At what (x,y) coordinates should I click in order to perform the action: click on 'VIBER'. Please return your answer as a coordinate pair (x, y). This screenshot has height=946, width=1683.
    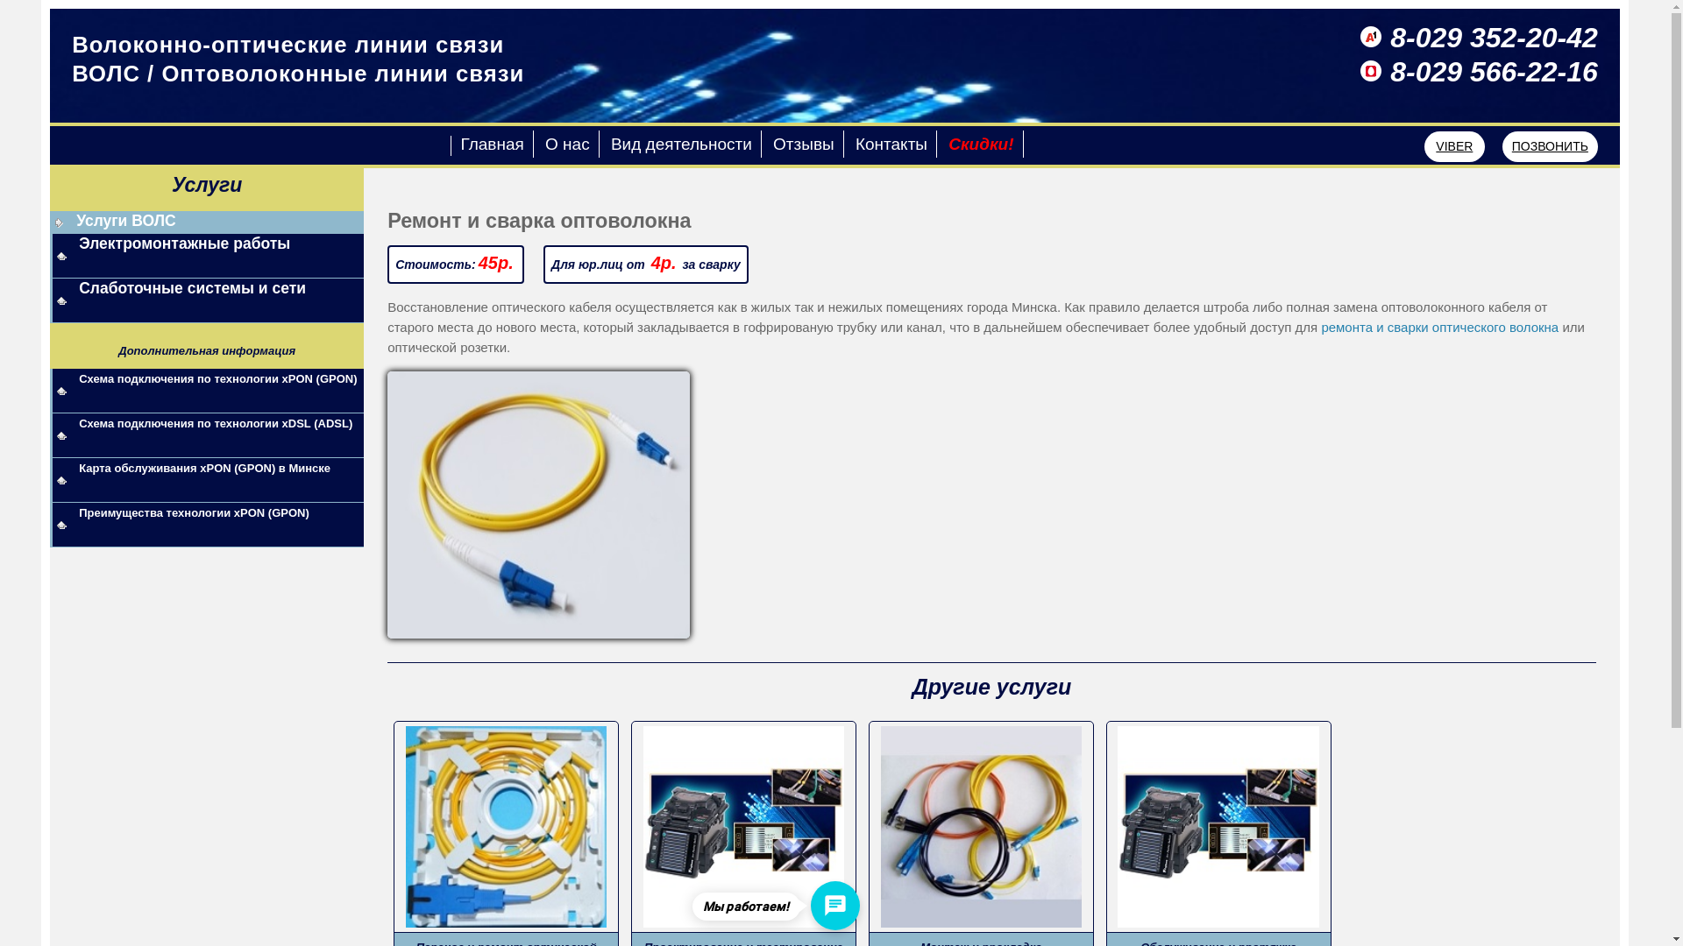
    Looking at the image, I should click on (1454, 145).